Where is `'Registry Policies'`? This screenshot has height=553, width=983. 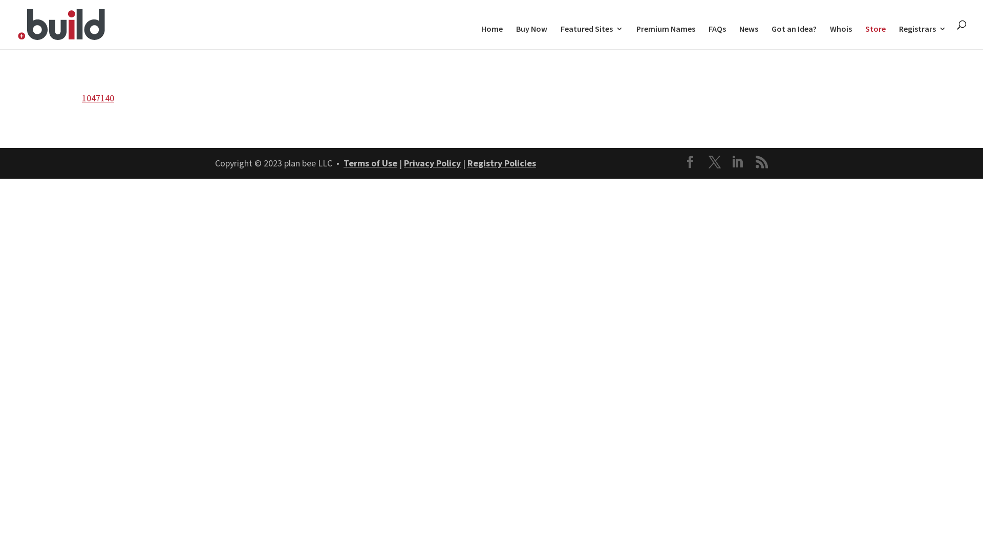
'Registry Policies' is located at coordinates (466, 162).